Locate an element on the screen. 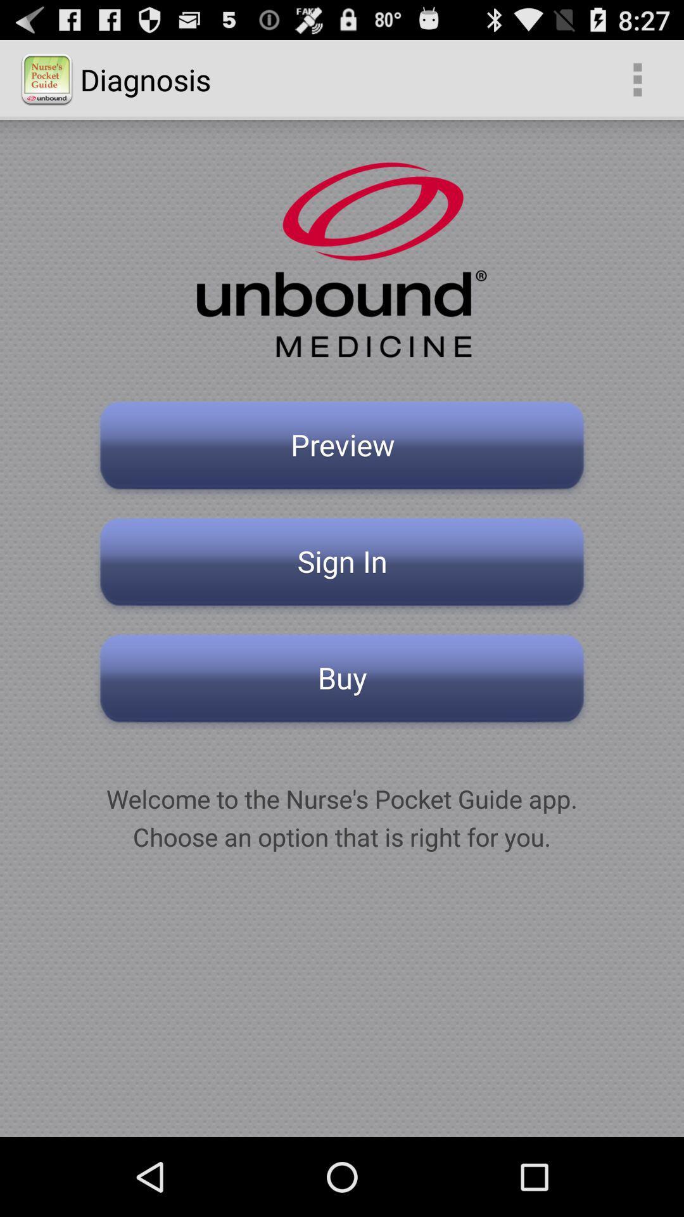 Image resolution: width=684 pixels, height=1217 pixels. buy is located at coordinates (342, 681).